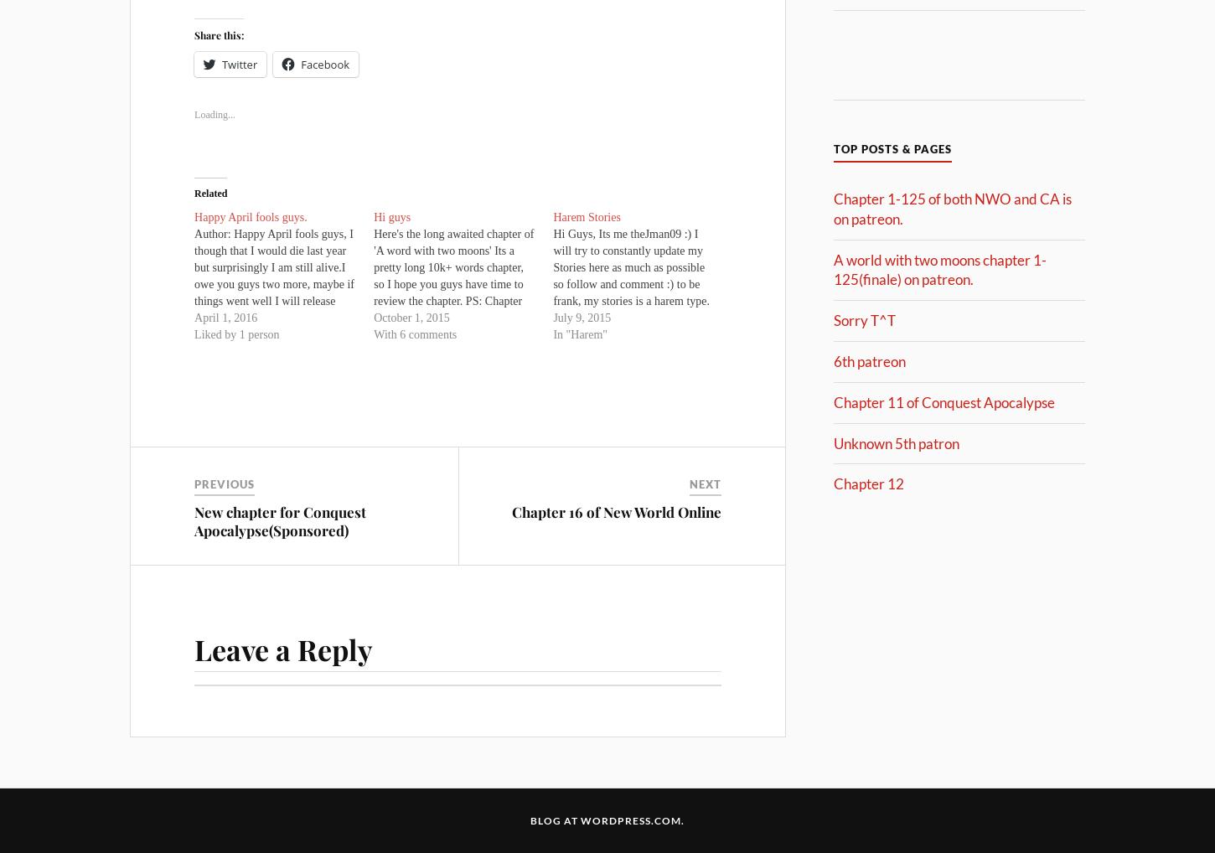  What do you see at coordinates (210, 188) in the screenshot?
I see `'Related'` at bounding box center [210, 188].